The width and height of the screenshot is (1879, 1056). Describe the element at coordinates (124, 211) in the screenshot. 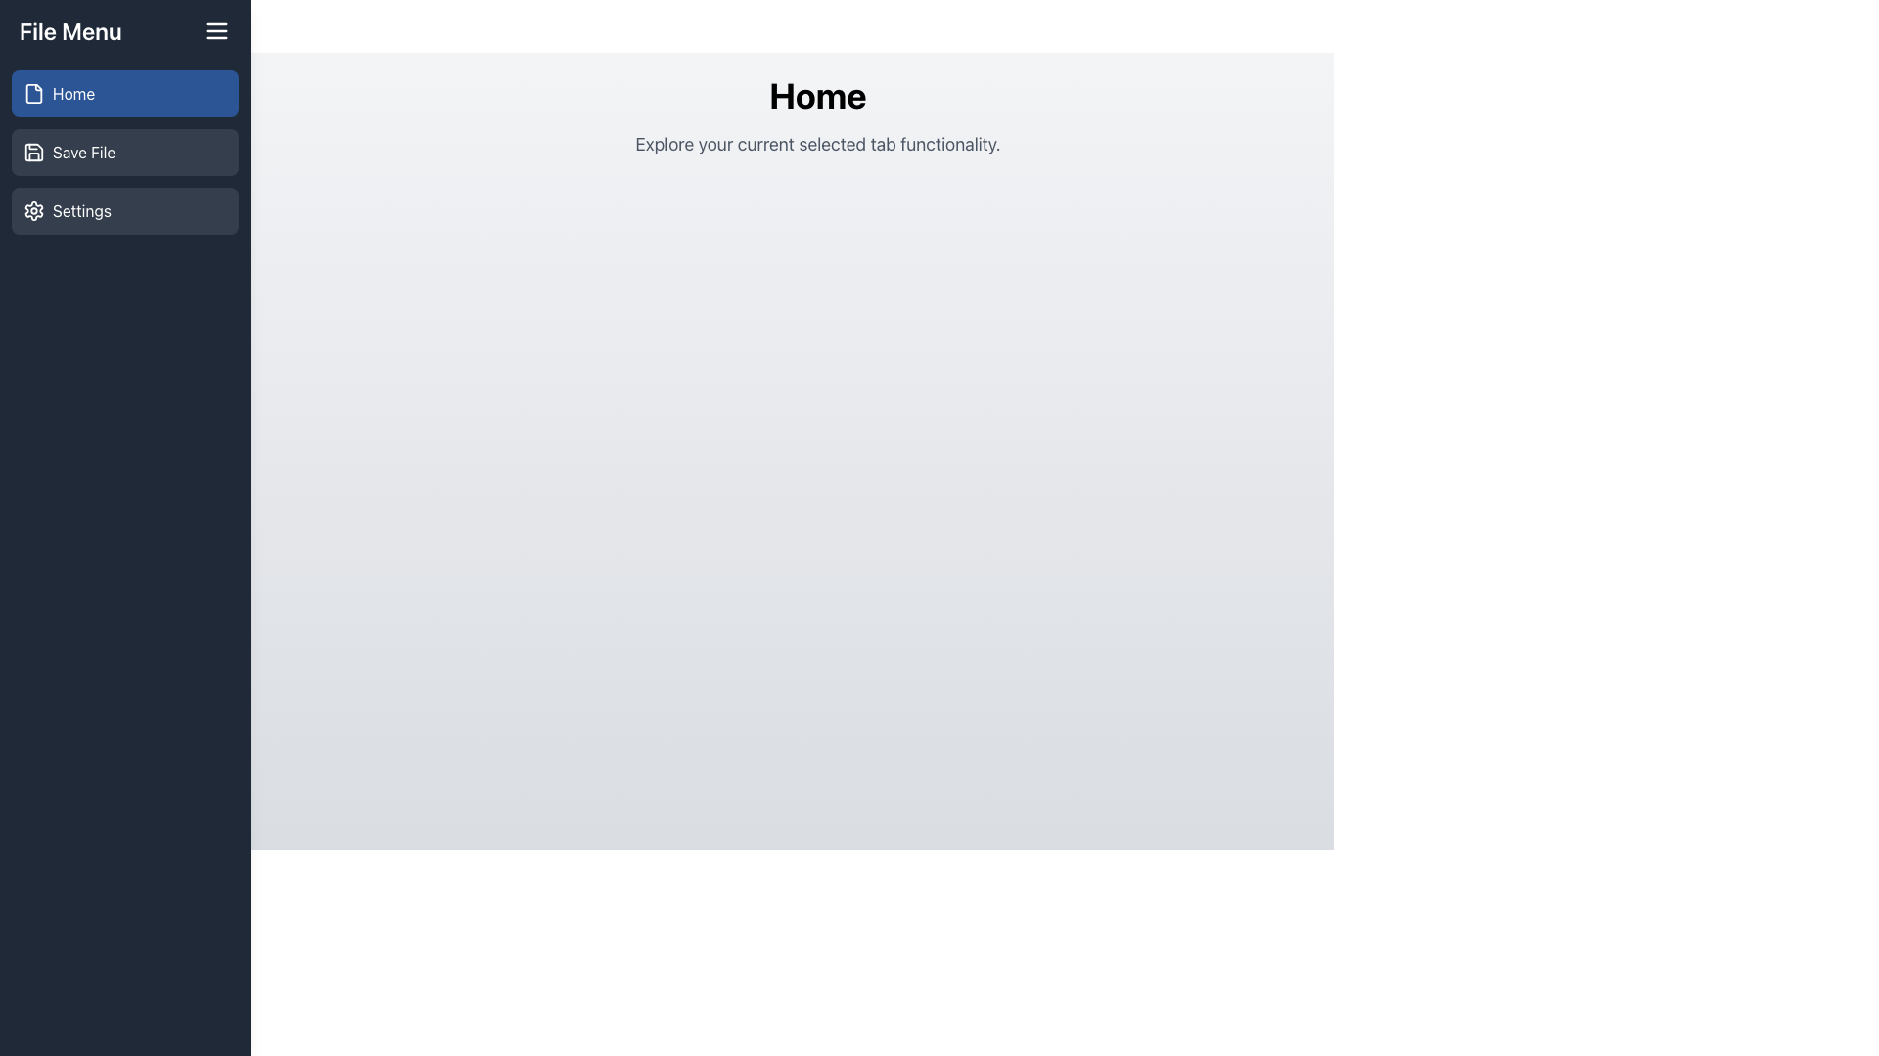

I see `the third button in the sidebar navigation menu` at that location.